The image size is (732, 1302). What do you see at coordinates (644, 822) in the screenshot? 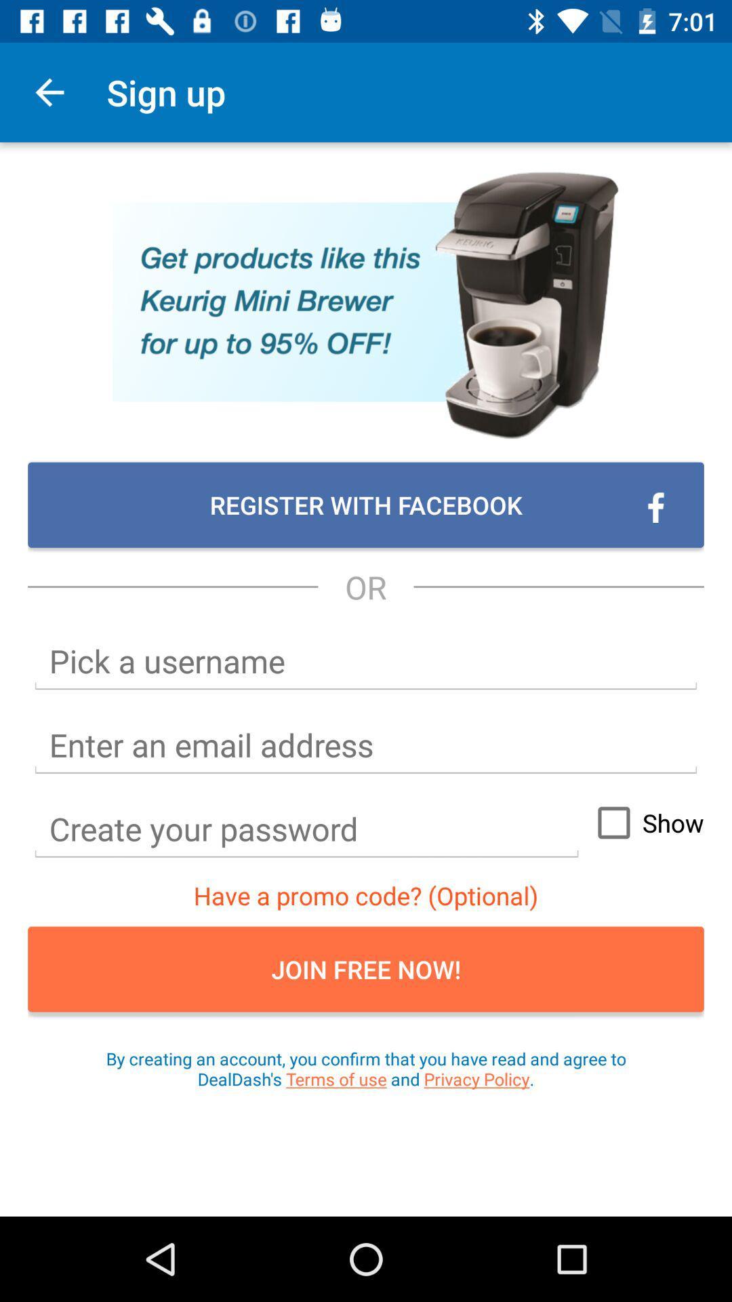
I see `the icon on the right` at bounding box center [644, 822].